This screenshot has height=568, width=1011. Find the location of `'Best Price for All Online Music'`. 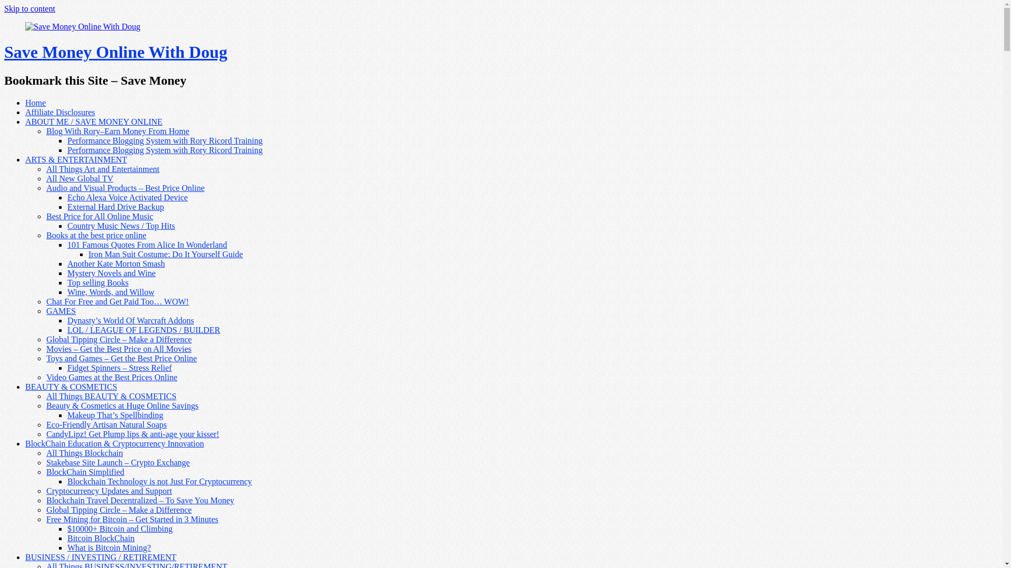

'Best Price for All Online Music' is located at coordinates (45, 216).